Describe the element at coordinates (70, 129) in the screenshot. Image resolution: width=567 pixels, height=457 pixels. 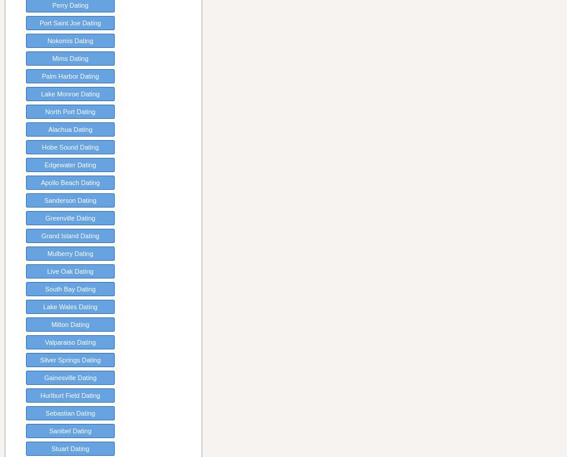
I see `'Alachua Dating'` at that location.